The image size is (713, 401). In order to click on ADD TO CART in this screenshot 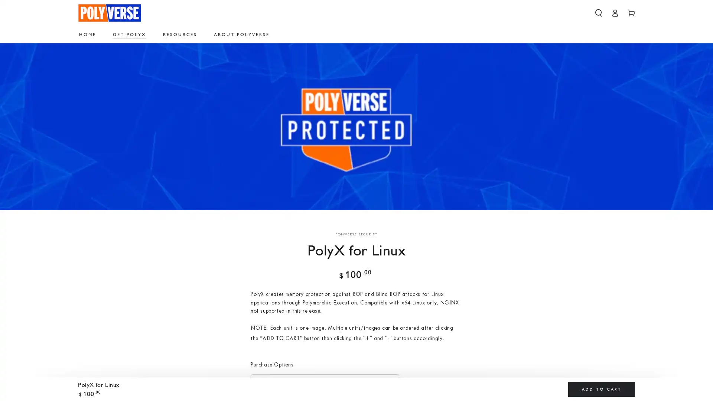, I will do `click(602, 389)`.